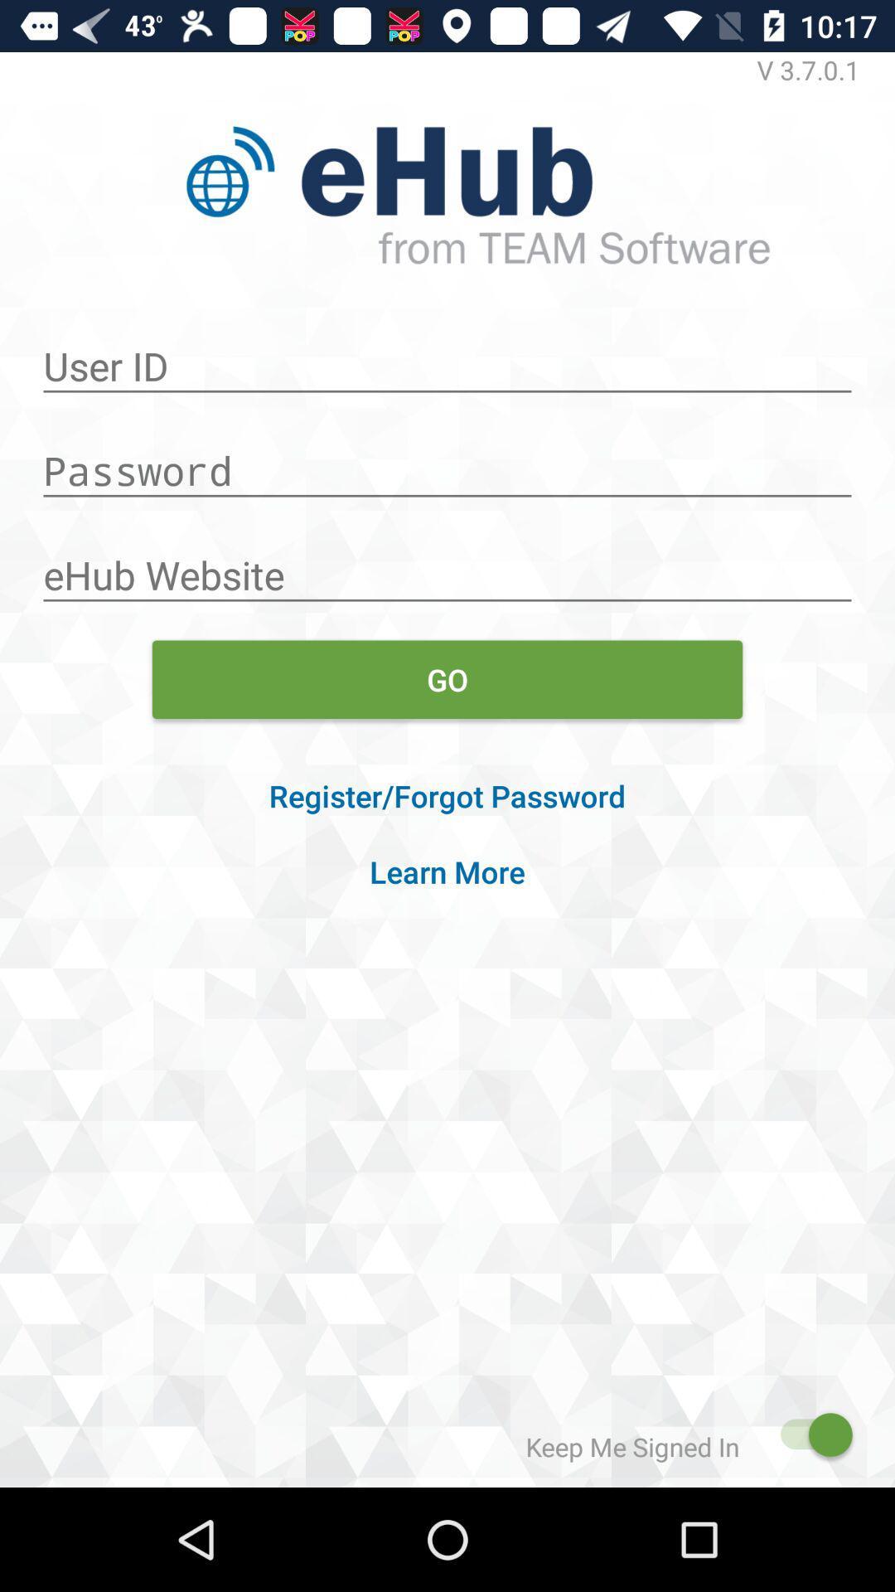 This screenshot has height=1592, width=895. I want to click on password space, so click(447, 462).